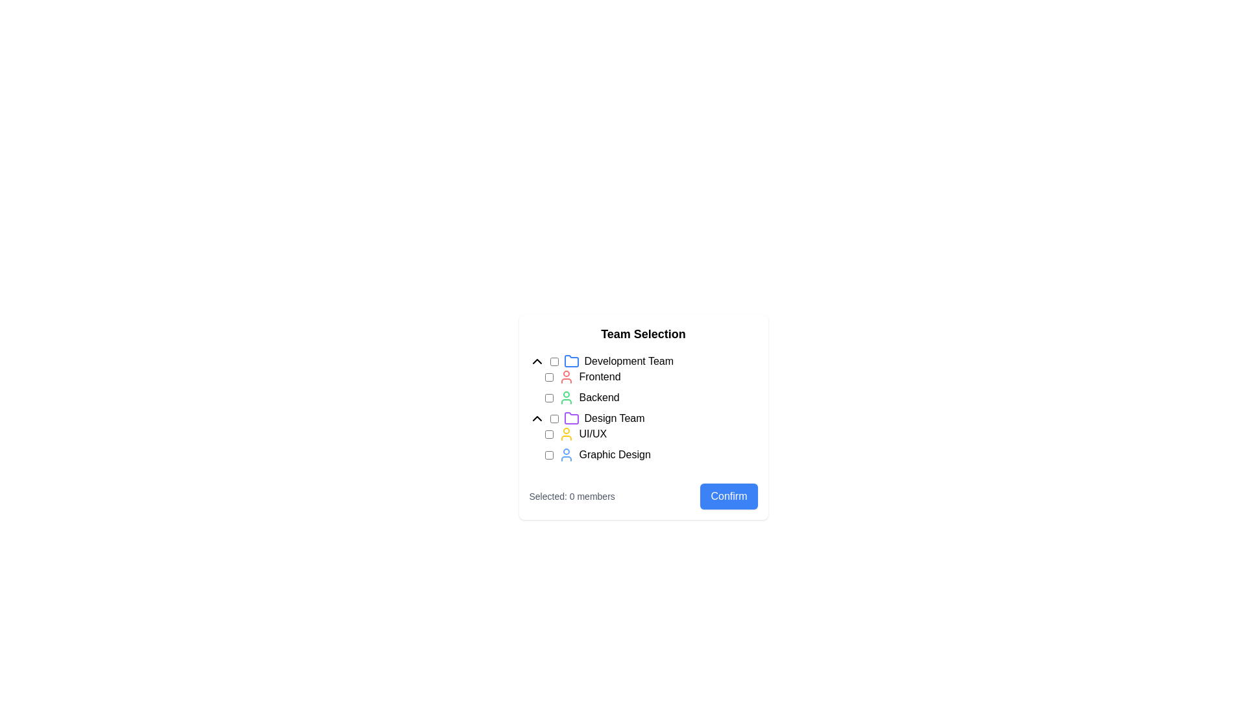 Image resolution: width=1246 pixels, height=701 pixels. I want to click on the text label located on the right side of a checkbox and user-profile icon in the second row under the 'Development Team' header in the Team Selection menu to potentially view a tooltip, so click(599, 377).